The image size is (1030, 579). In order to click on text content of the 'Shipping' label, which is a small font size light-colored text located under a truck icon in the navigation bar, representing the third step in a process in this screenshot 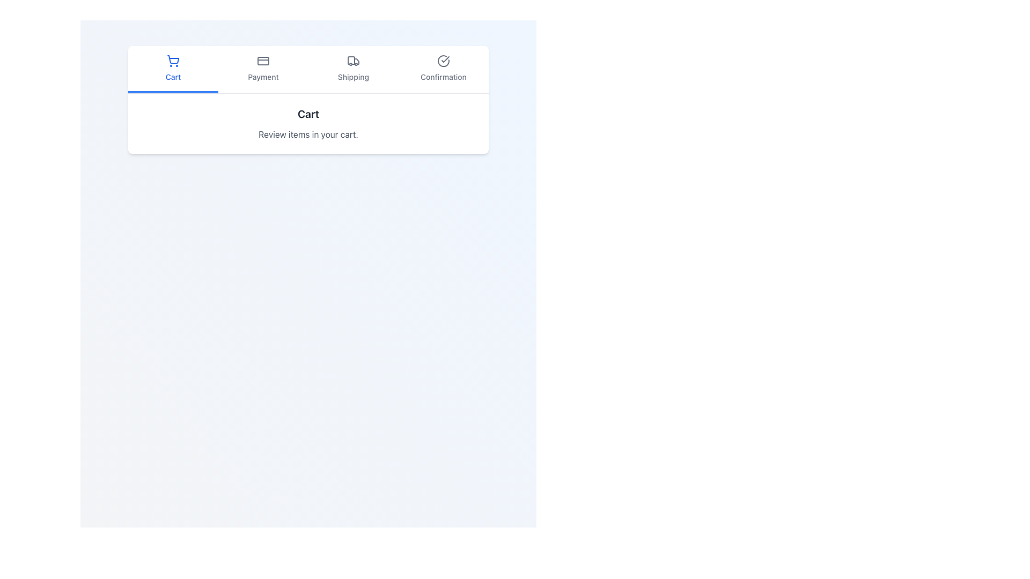, I will do `click(353, 76)`.